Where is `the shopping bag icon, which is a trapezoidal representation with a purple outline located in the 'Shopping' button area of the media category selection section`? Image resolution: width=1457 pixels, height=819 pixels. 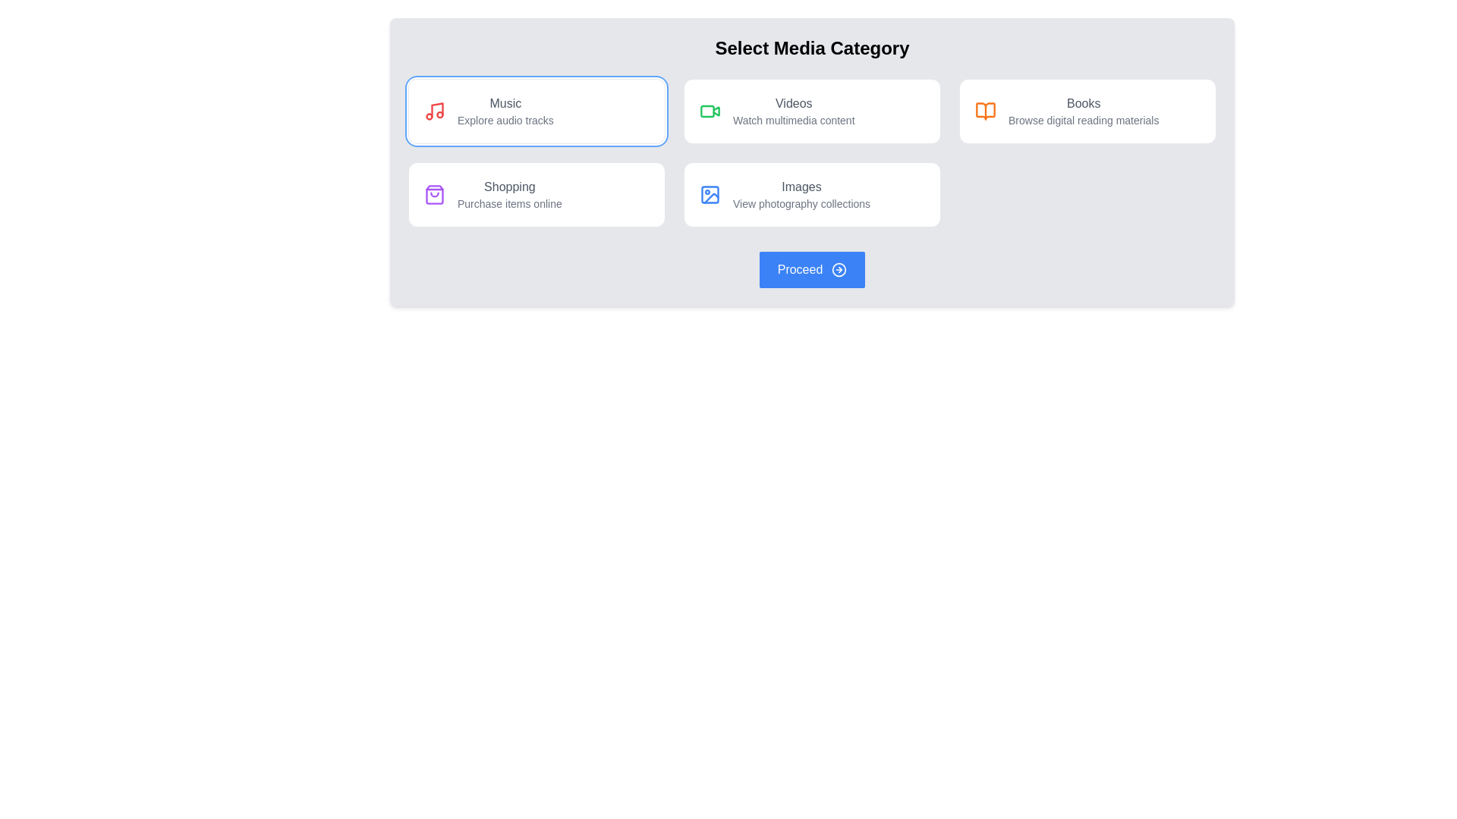
the shopping bag icon, which is a trapezoidal representation with a purple outline located in the 'Shopping' button area of the media category selection section is located at coordinates (433, 193).